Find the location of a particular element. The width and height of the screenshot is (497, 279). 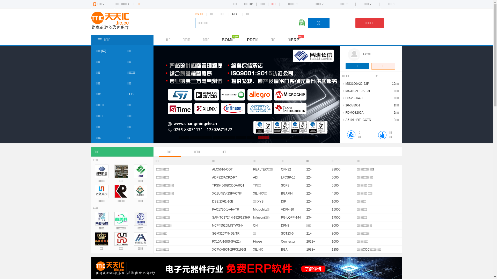

'SAK-TC1724N-192F133HR AC' is located at coordinates (231, 220).